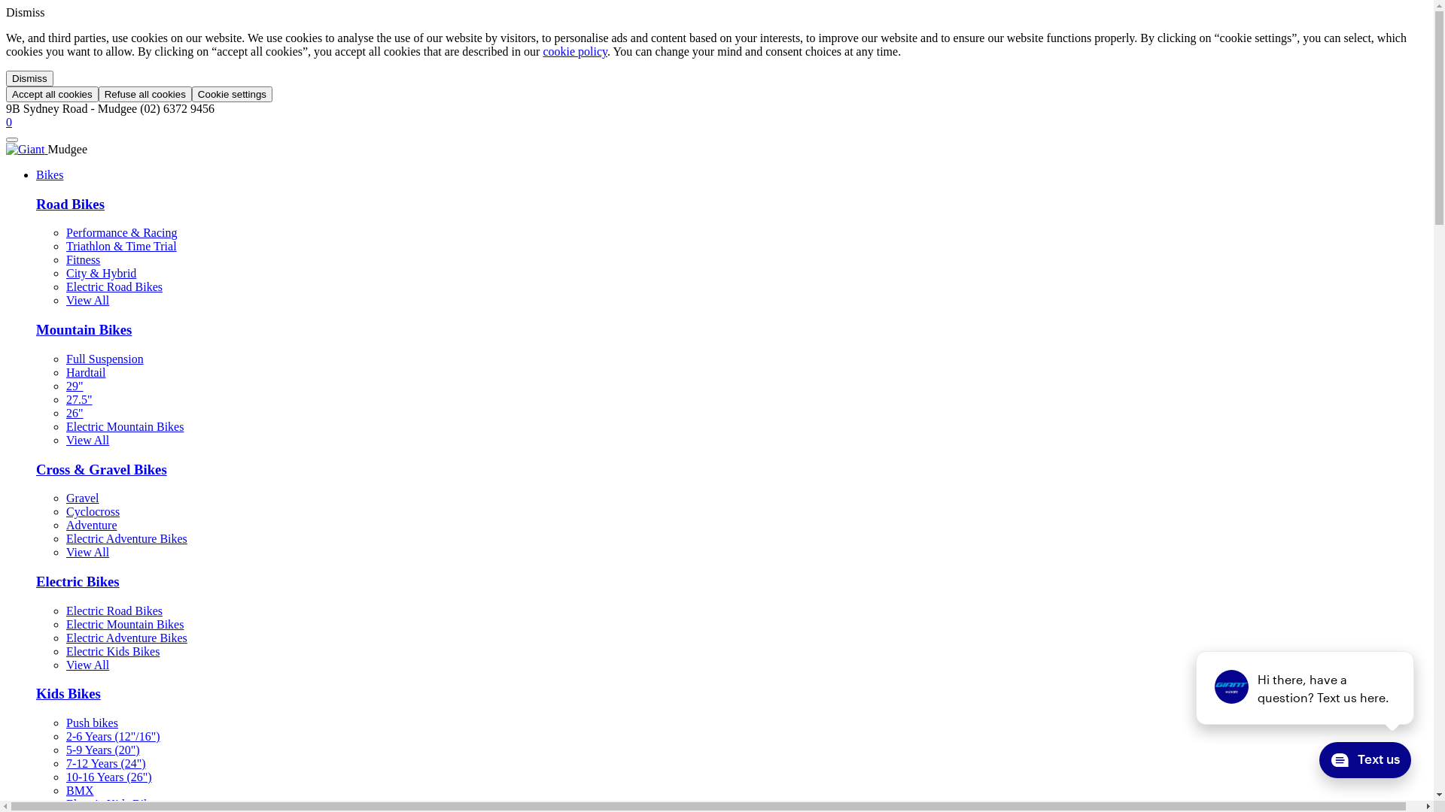 The image size is (1445, 812). Describe the element at coordinates (85, 372) in the screenshot. I see `'Hardtail'` at that location.